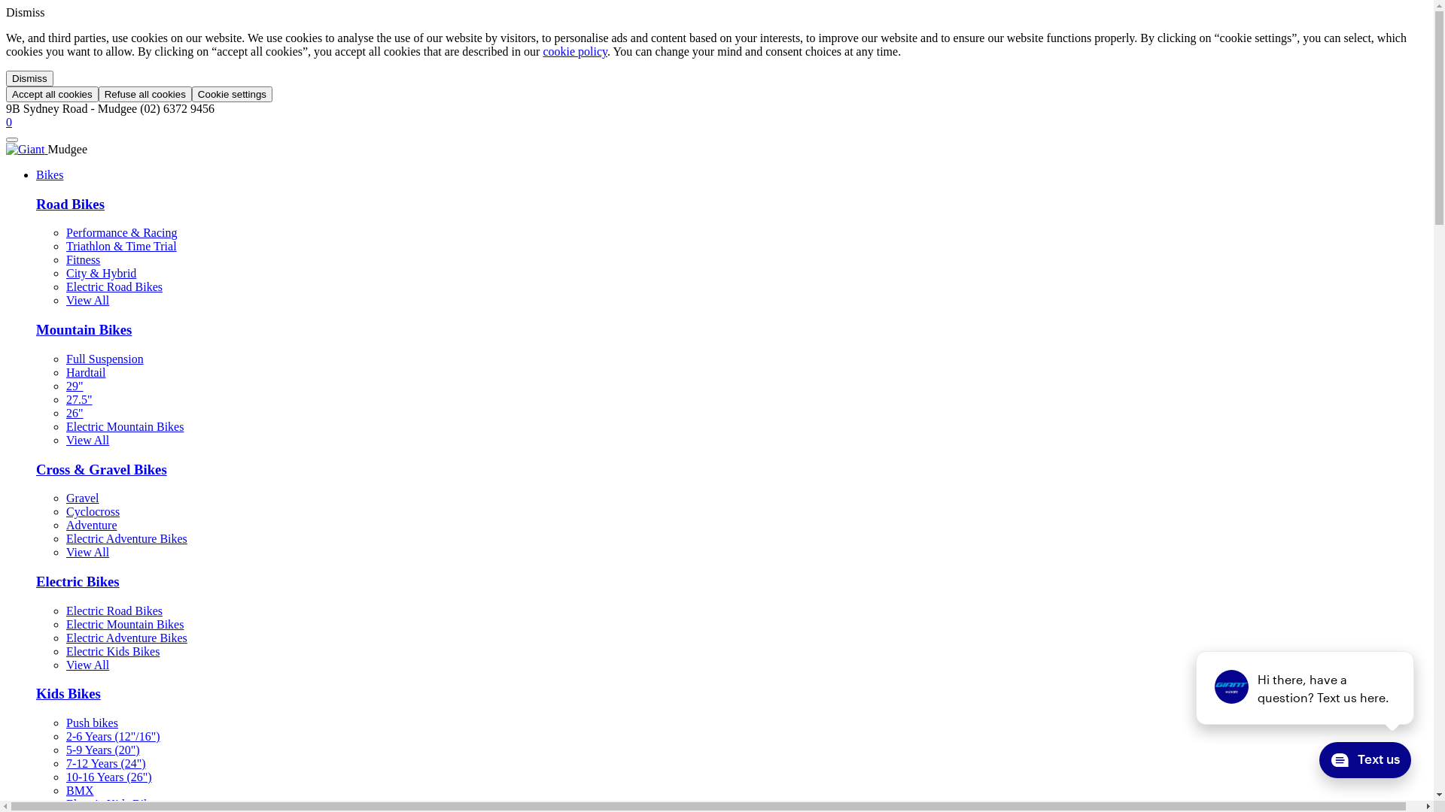 The image size is (1445, 812). Describe the element at coordinates (85, 372) in the screenshot. I see `'Hardtail'` at that location.